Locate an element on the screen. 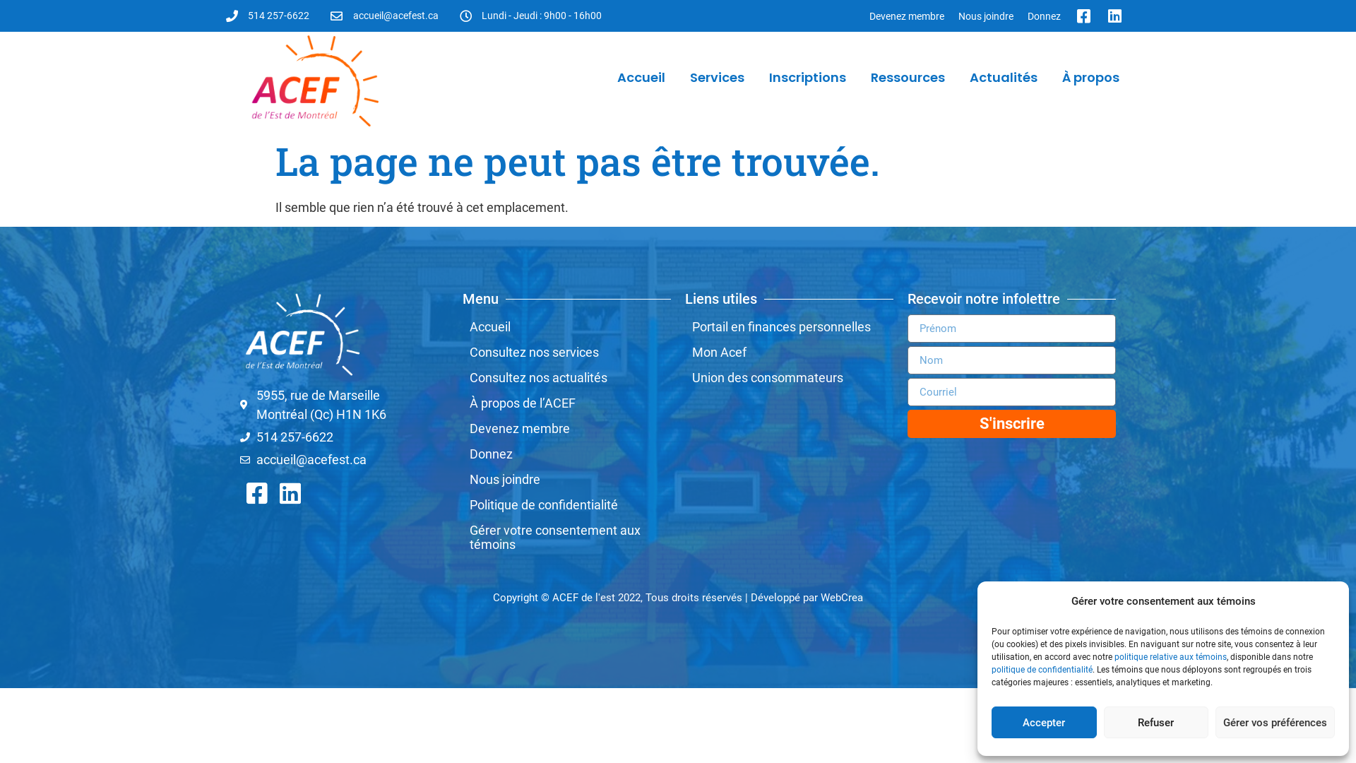 This screenshot has height=763, width=1356. '514 257-6622' is located at coordinates (268, 16).